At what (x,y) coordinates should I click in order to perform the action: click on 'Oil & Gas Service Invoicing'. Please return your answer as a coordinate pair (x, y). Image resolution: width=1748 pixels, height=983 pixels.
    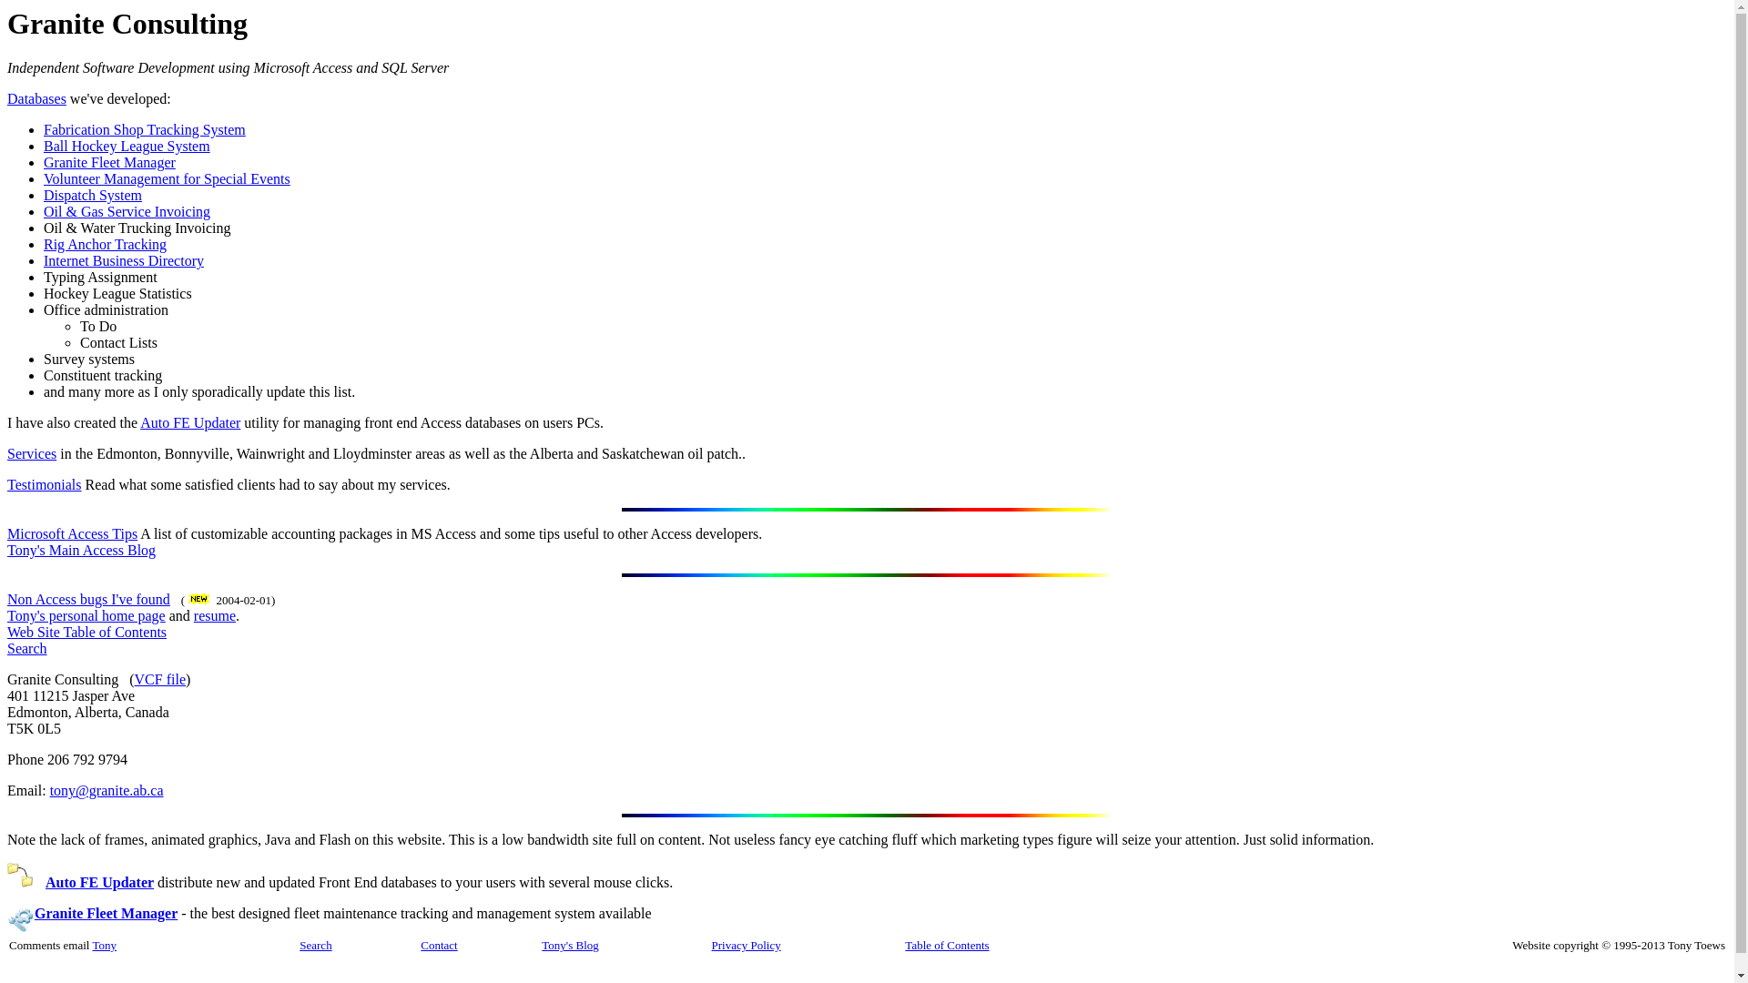
    Looking at the image, I should click on (126, 210).